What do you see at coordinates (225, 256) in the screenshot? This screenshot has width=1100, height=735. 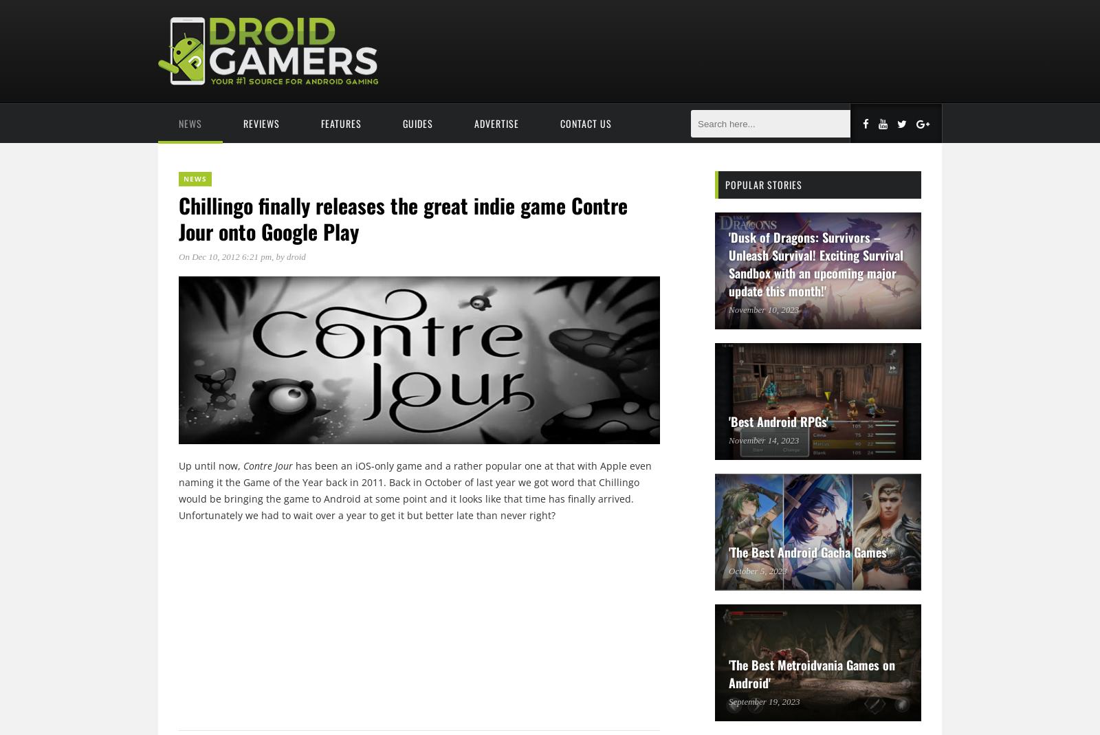 I see `'On Dec 10, 2012 6:21 pm'` at bounding box center [225, 256].